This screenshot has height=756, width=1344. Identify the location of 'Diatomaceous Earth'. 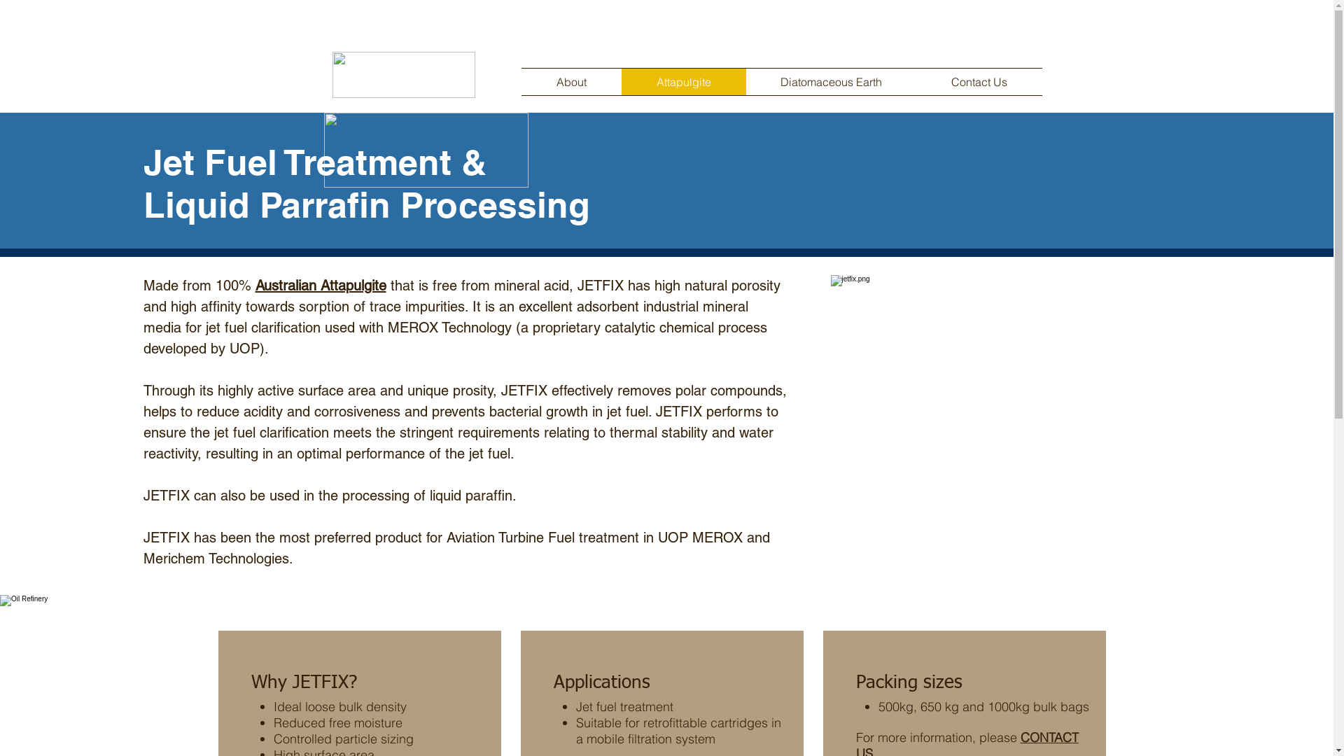
(745, 81).